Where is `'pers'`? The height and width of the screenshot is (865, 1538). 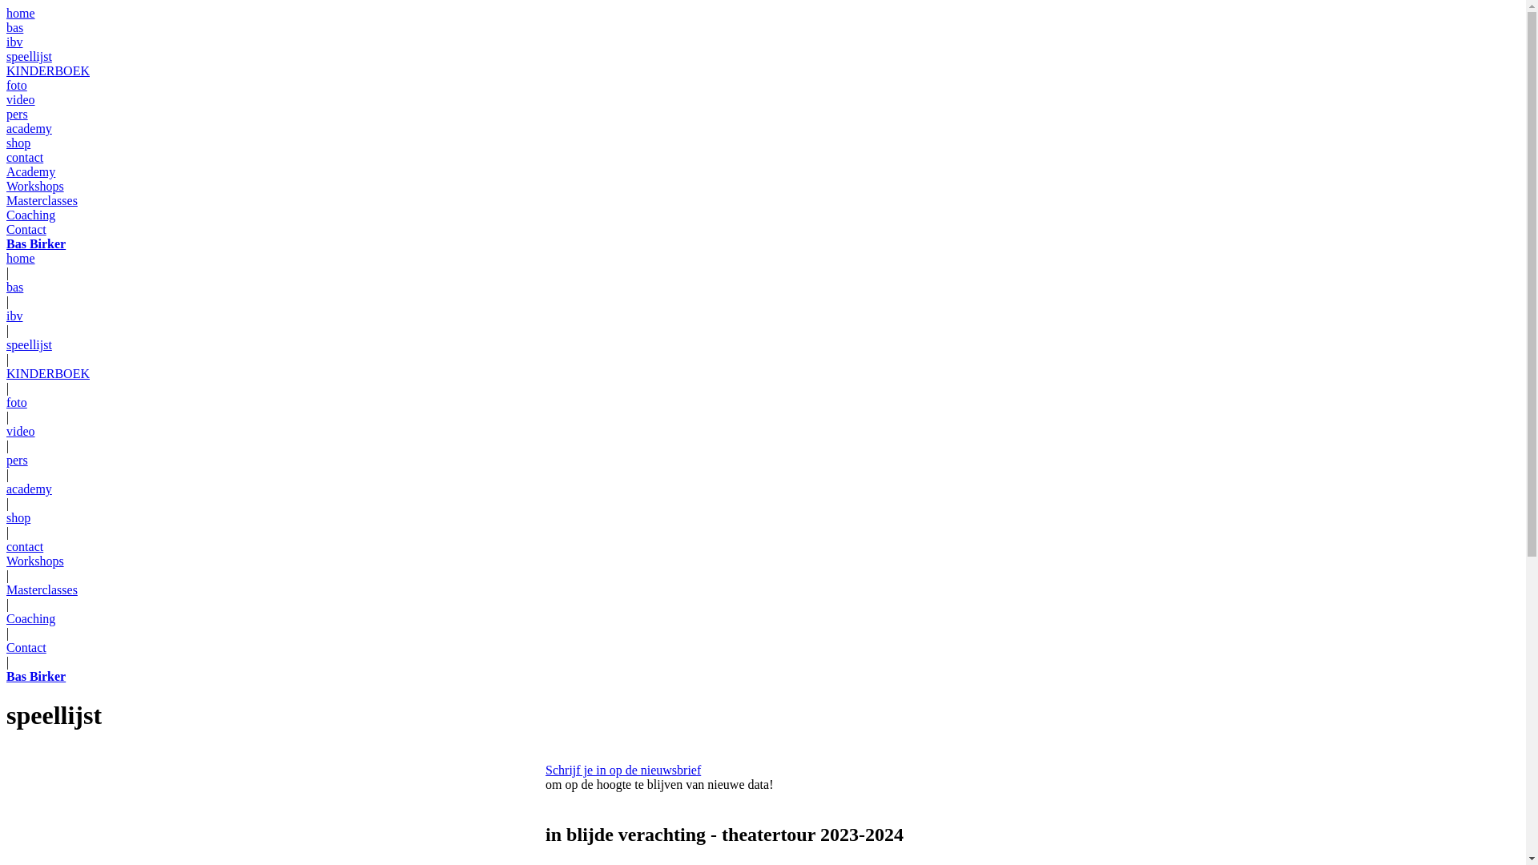
'pers' is located at coordinates (17, 113).